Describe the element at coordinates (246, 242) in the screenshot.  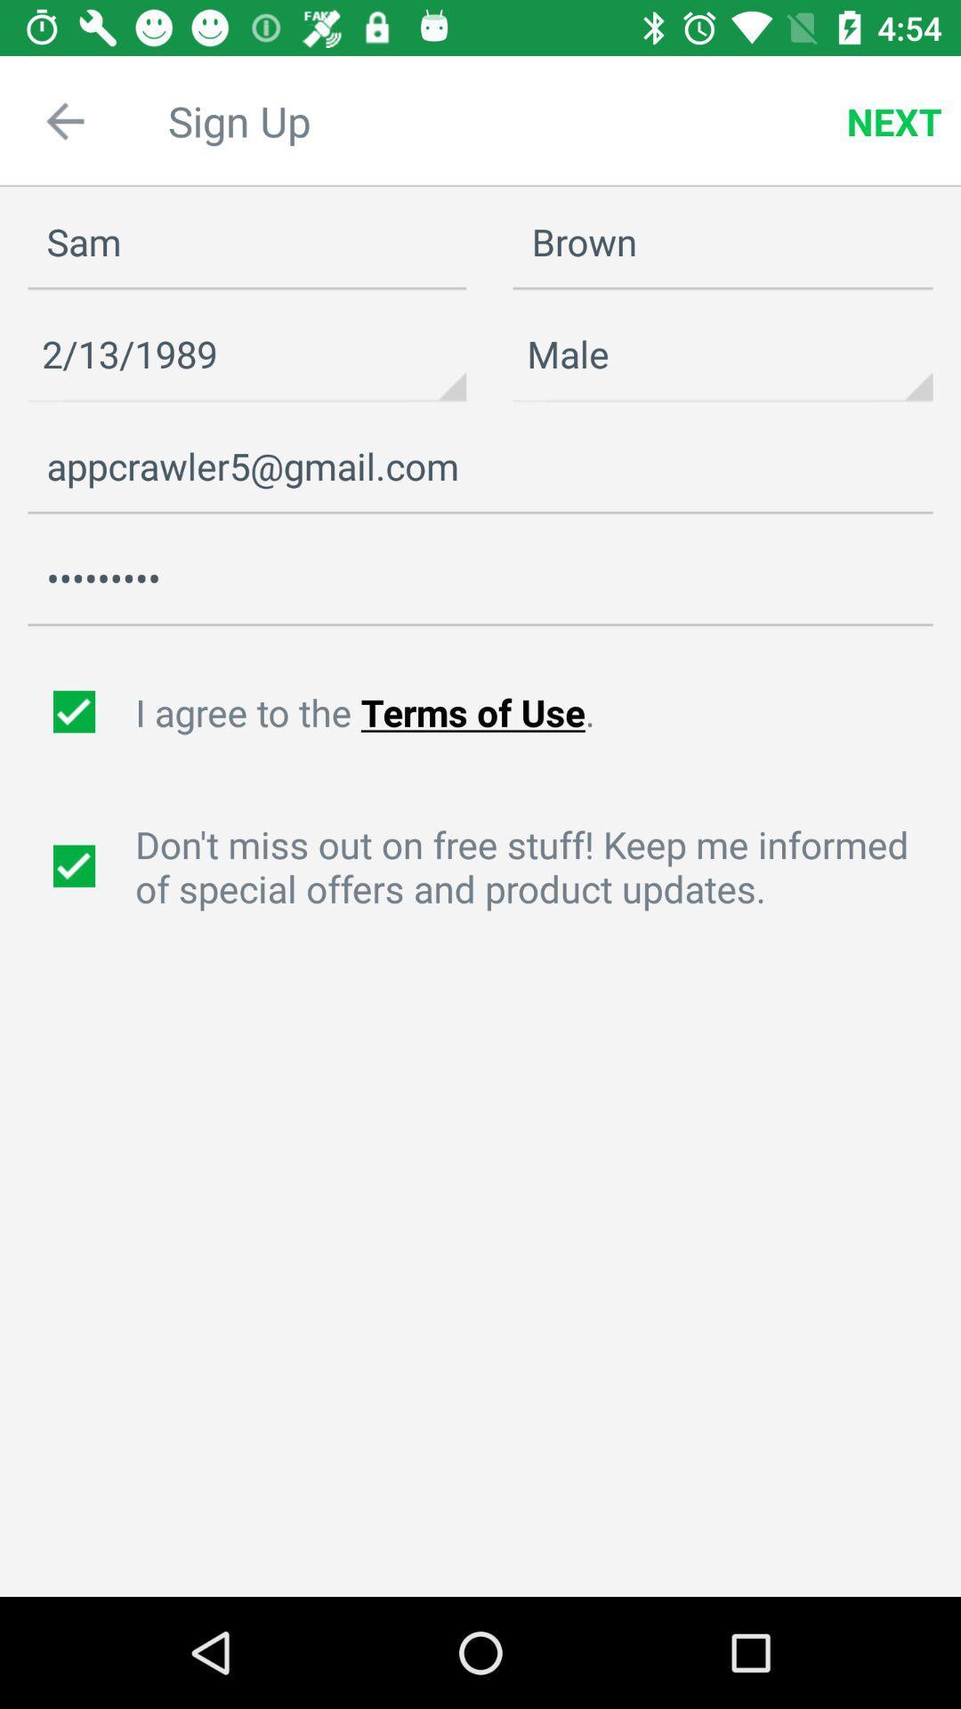
I see `the icon next to brown icon` at that location.